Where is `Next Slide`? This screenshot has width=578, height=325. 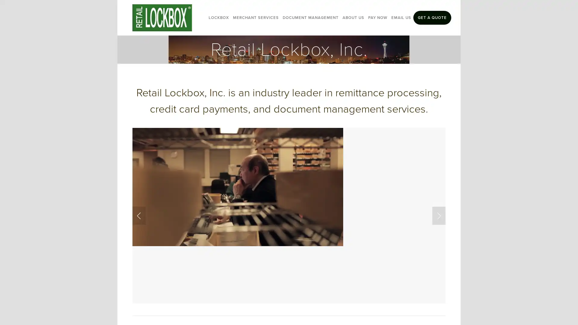 Next Slide is located at coordinates (439, 215).